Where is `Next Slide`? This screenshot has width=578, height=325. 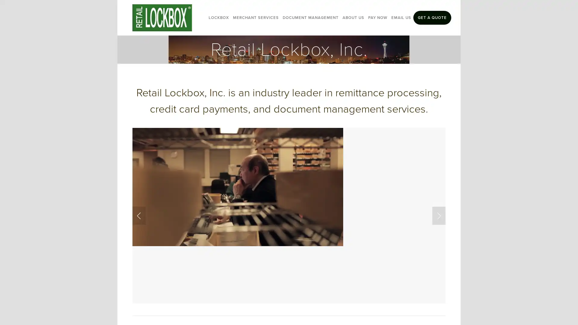 Next Slide is located at coordinates (439, 215).